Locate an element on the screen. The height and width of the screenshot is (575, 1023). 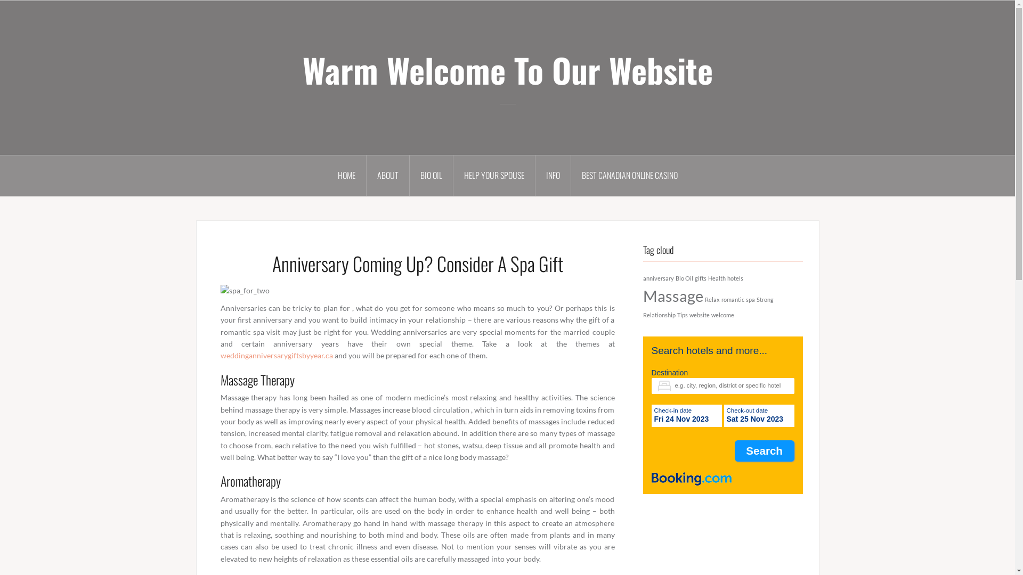
'anniversary' is located at coordinates (642, 277).